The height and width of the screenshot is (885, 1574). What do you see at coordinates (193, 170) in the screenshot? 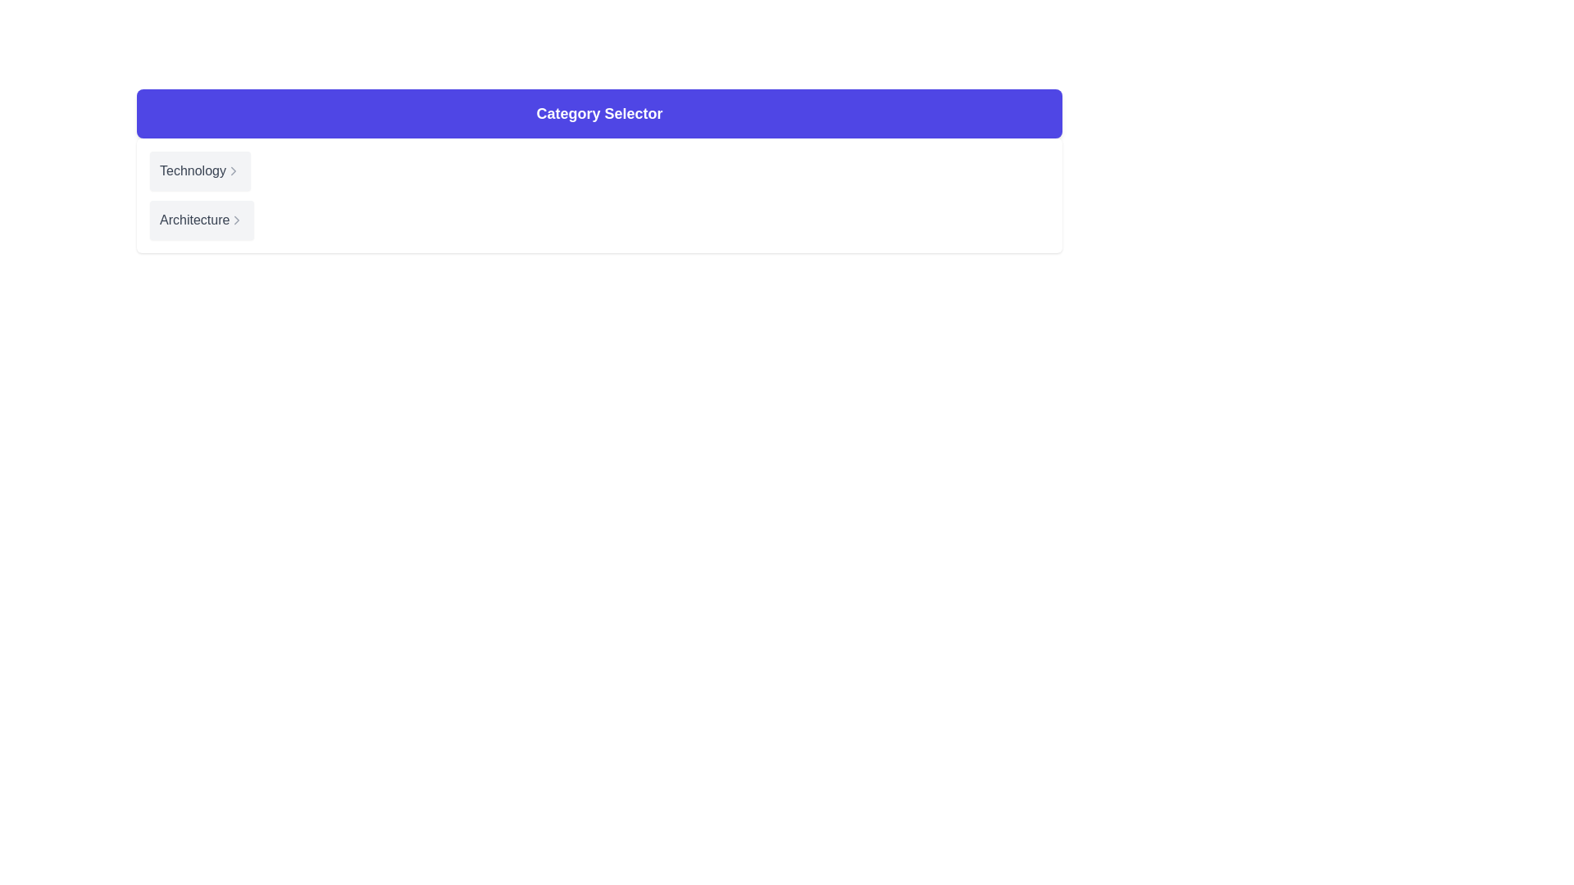
I see `text label element that describes the category 'Technology', located at the top-left corner of the interactive content area` at bounding box center [193, 170].